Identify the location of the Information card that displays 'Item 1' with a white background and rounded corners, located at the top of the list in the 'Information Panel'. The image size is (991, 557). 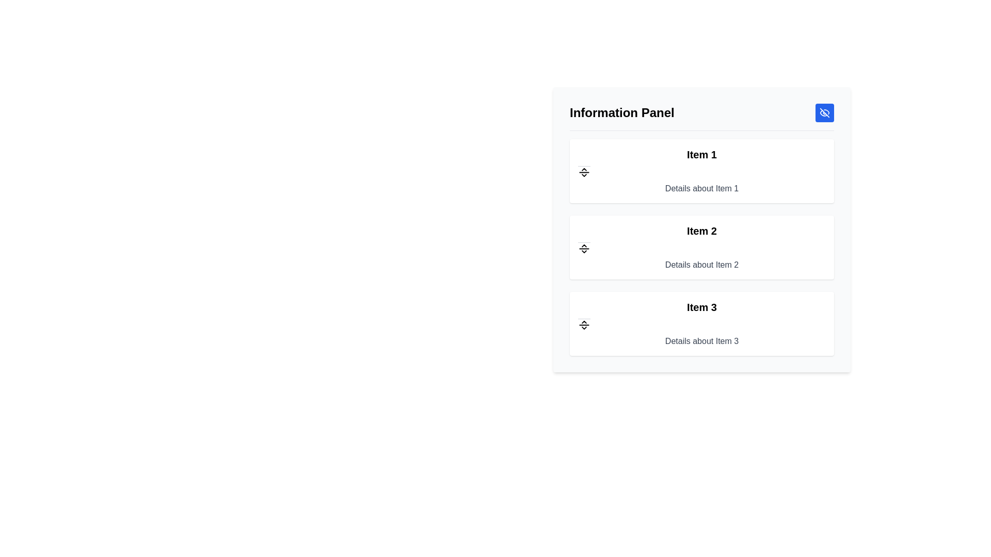
(701, 170).